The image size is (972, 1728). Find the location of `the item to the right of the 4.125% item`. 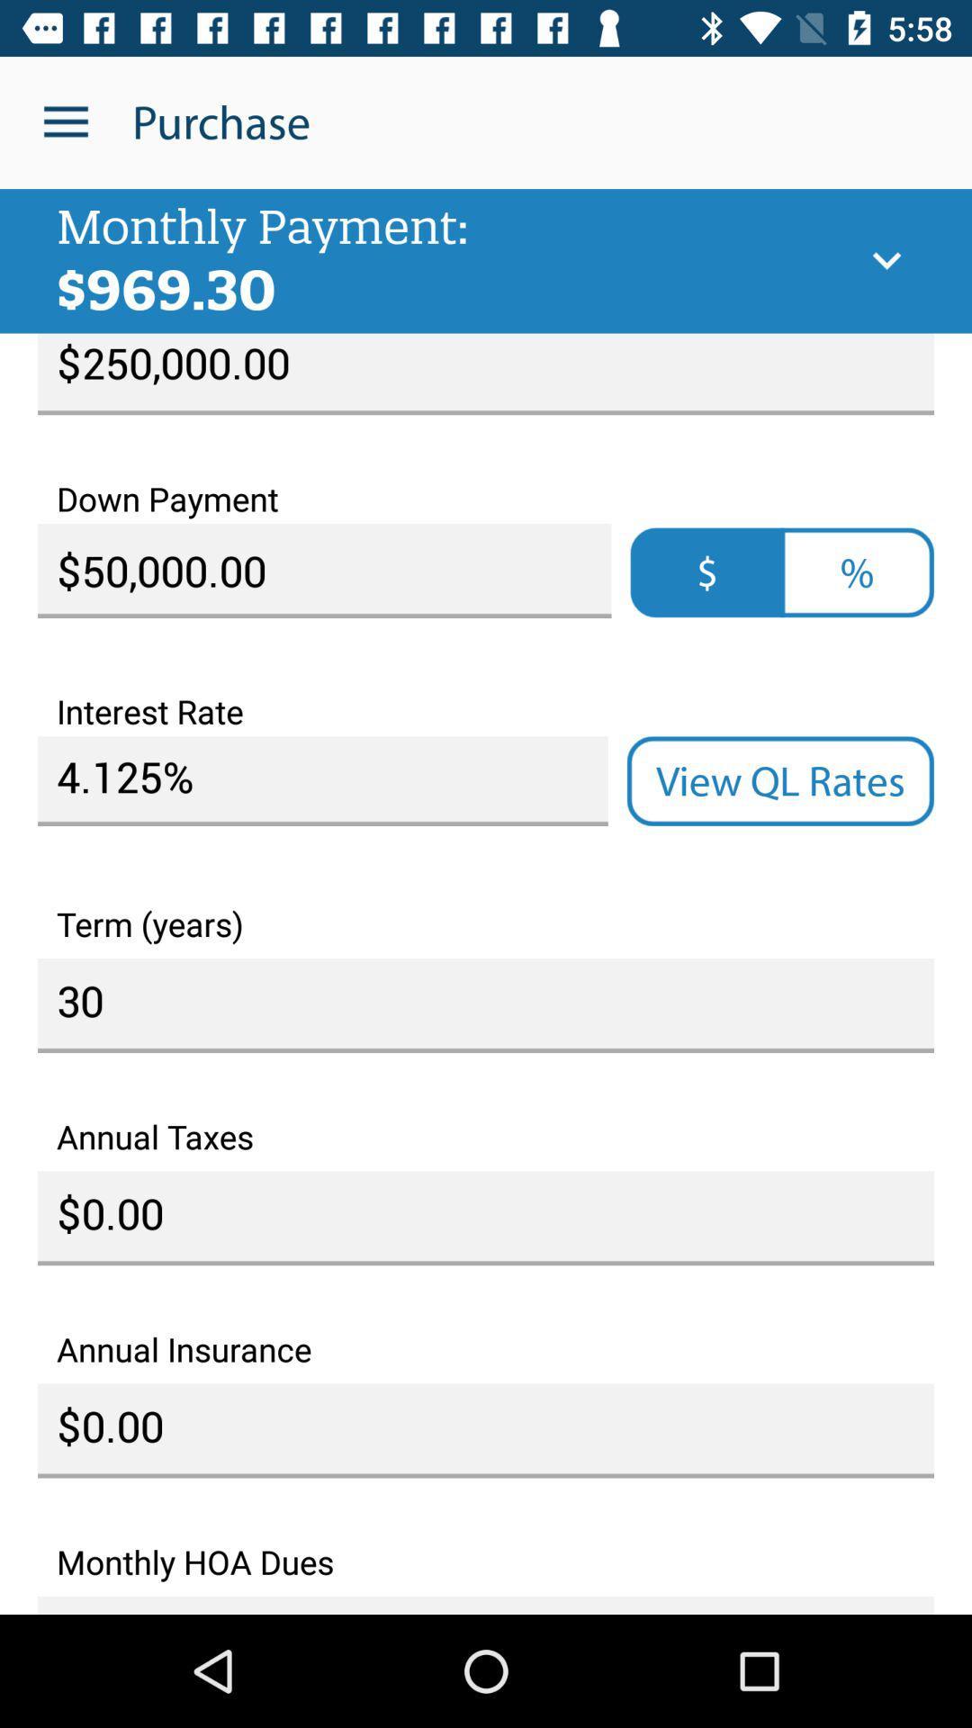

the item to the right of the 4.125% item is located at coordinates (779, 781).